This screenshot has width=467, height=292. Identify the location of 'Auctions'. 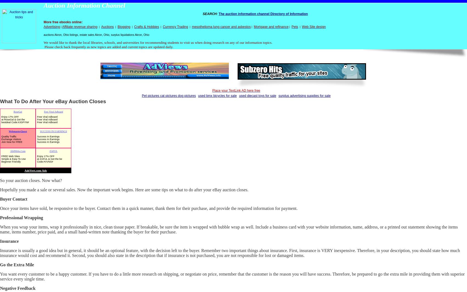
(107, 26).